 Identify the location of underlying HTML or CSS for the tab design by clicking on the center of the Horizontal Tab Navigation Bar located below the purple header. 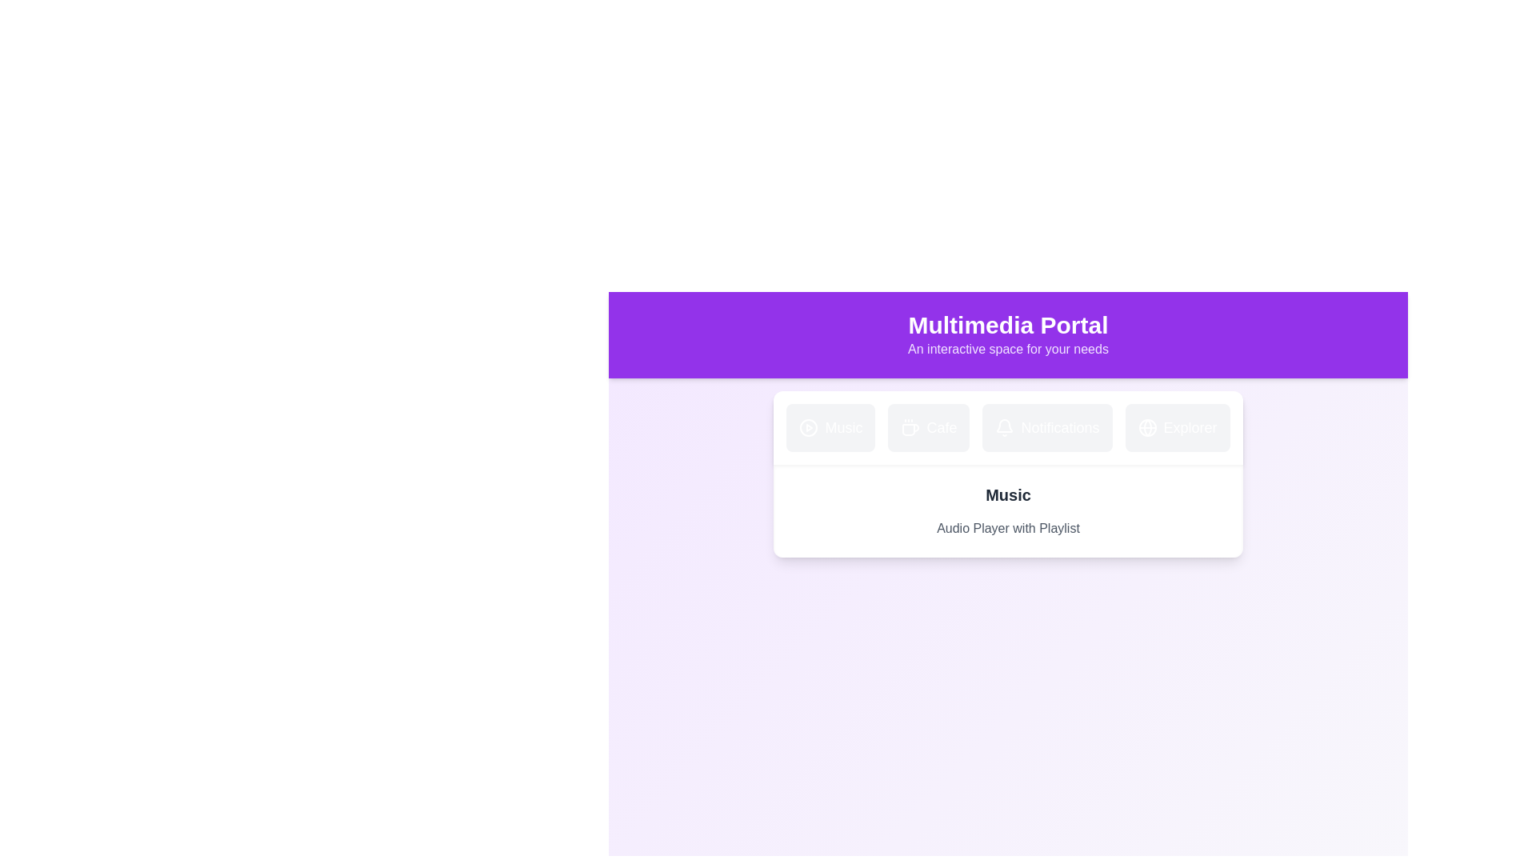
(1007, 427).